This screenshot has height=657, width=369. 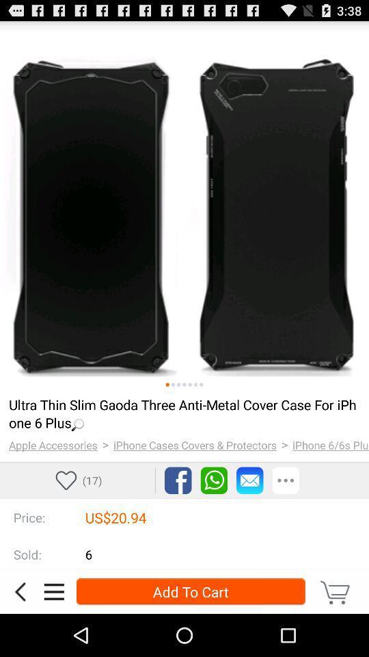 I want to click on mail, so click(x=249, y=480).